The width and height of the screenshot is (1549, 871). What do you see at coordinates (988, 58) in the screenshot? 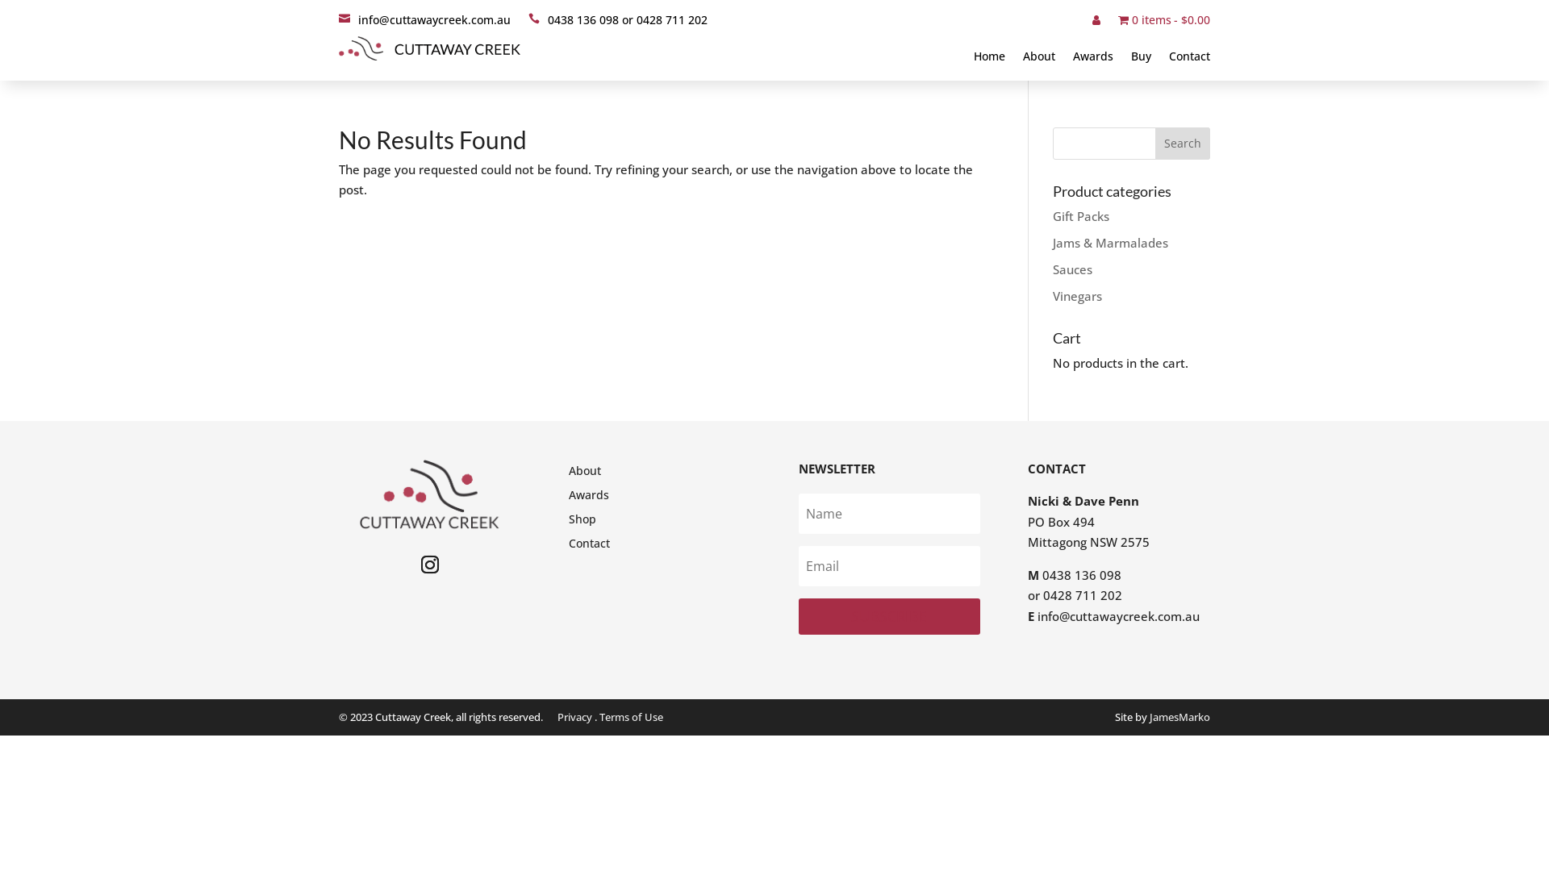
I see `'Home'` at bounding box center [988, 58].